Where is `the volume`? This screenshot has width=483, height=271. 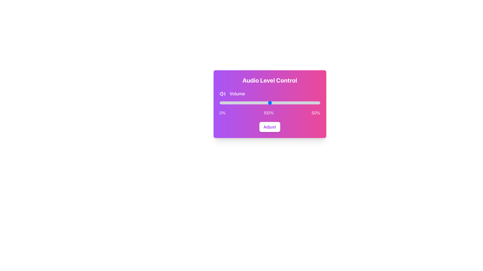 the volume is located at coordinates (233, 102).